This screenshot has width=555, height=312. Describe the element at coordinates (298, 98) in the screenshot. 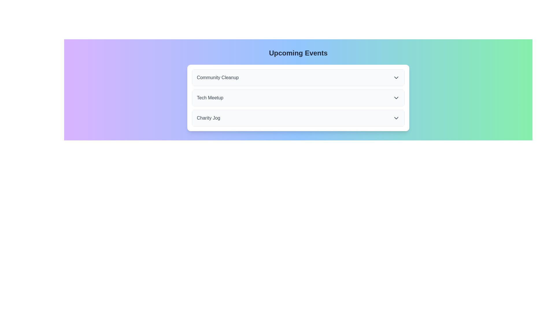

I see `the 'Tech Meetup' dropdown list item located under 'Upcoming Events'` at that location.